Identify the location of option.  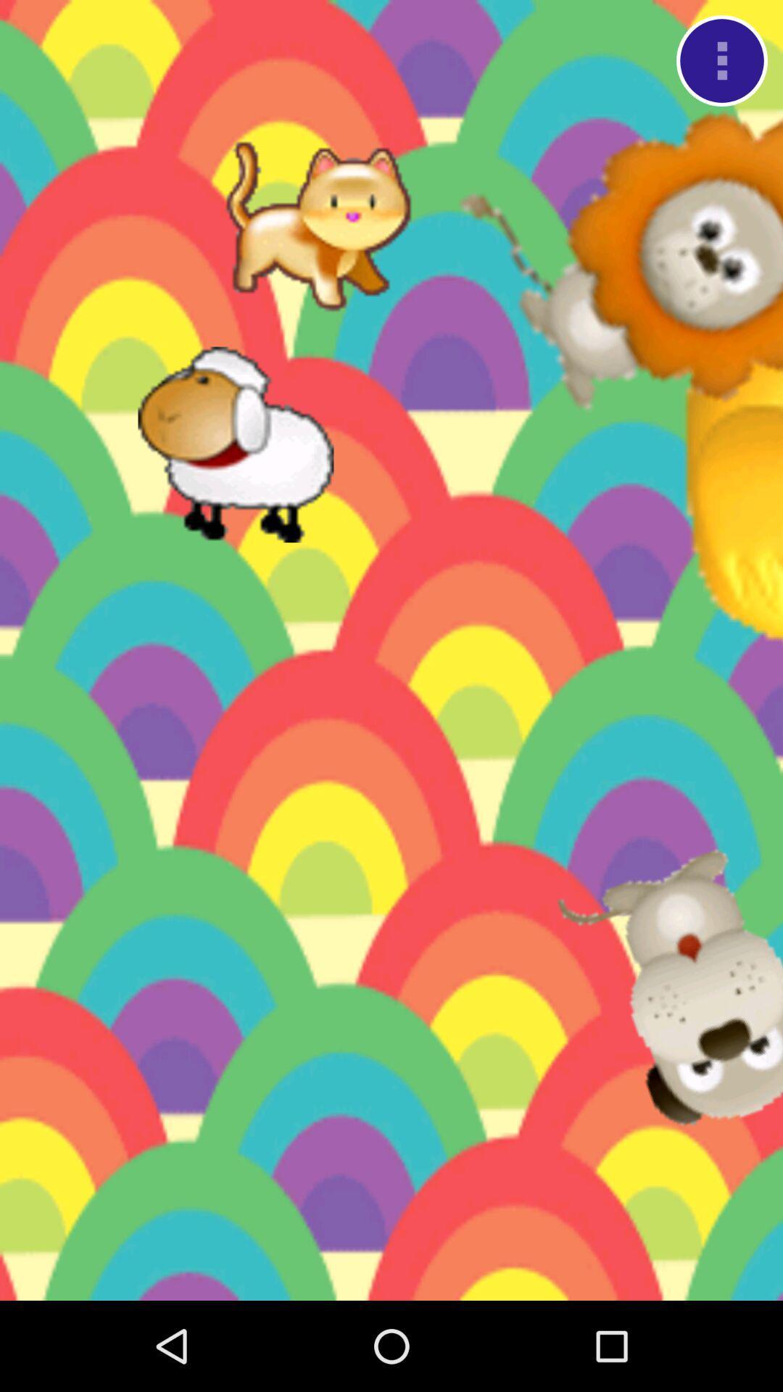
(721, 60).